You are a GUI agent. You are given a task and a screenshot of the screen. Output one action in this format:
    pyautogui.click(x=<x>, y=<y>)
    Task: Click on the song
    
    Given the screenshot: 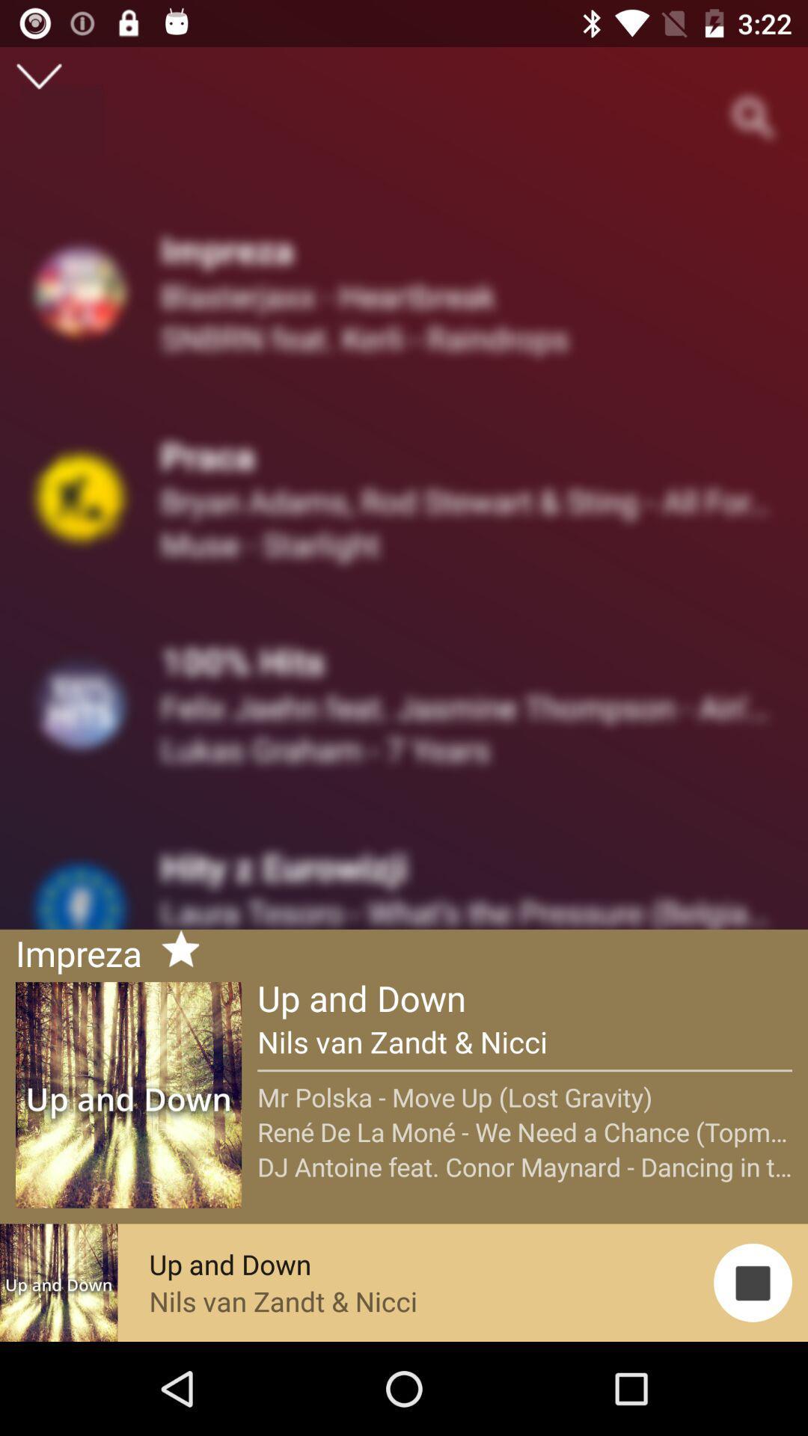 What is the action you would take?
    pyautogui.click(x=174, y=951)
    